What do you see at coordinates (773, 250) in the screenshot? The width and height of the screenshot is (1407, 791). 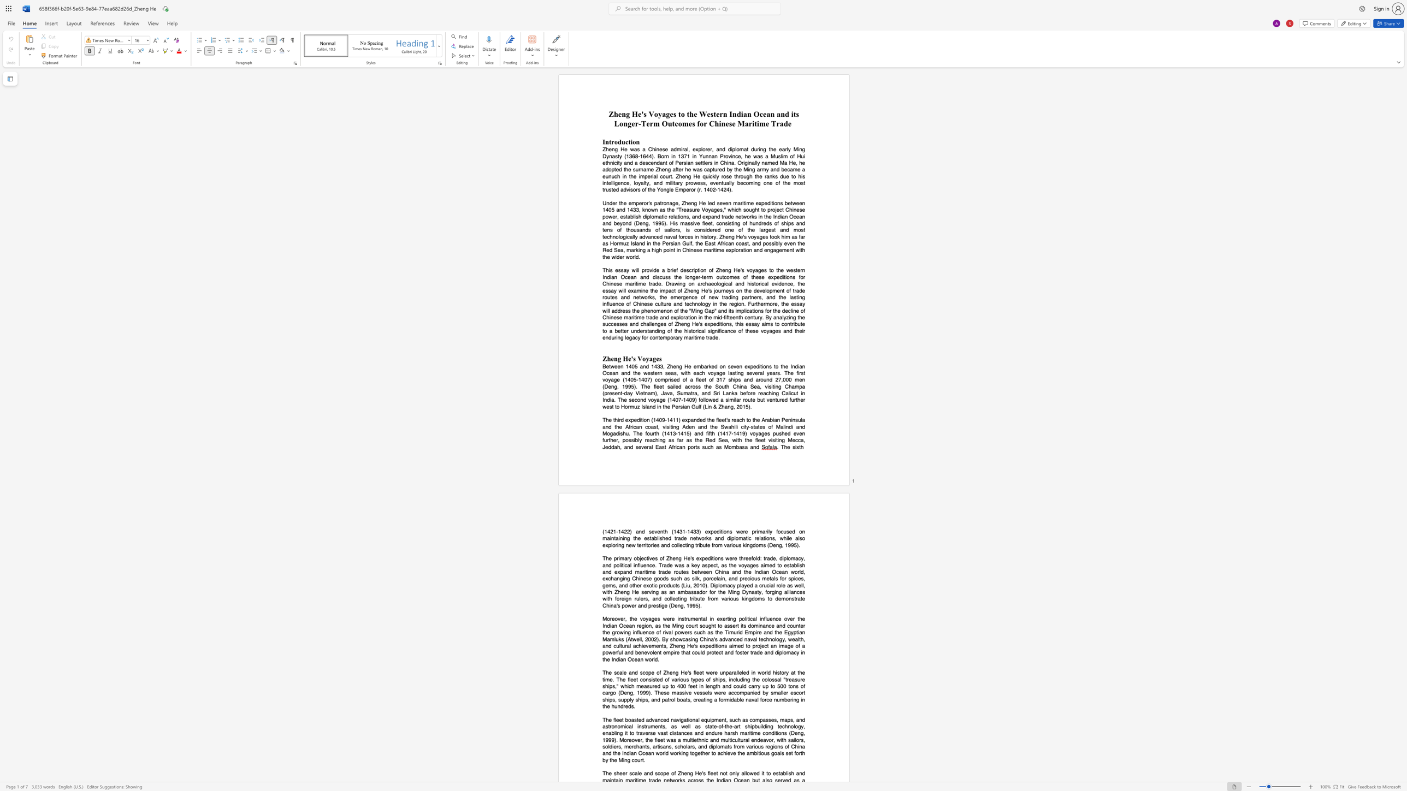 I see `the subset text "agem" within the text "the Red Sea, marking a high point in Chinese maritime exploration and engagement with the wider world."` at bounding box center [773, 250].